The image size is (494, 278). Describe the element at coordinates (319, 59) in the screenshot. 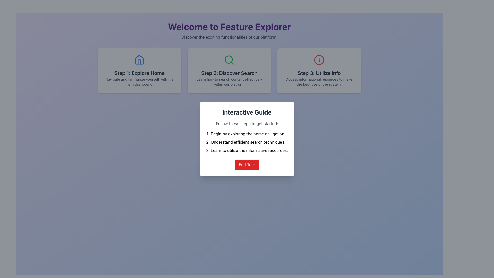

I see `the information icon` at that location.